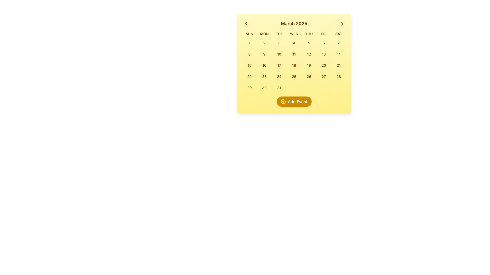  What do you see at coordinates (294, 101) in the screenshot?
I see `the rounded yellow button labeled 'Add Event' located beneath the calendar grid` at bounding box center [294, 101].